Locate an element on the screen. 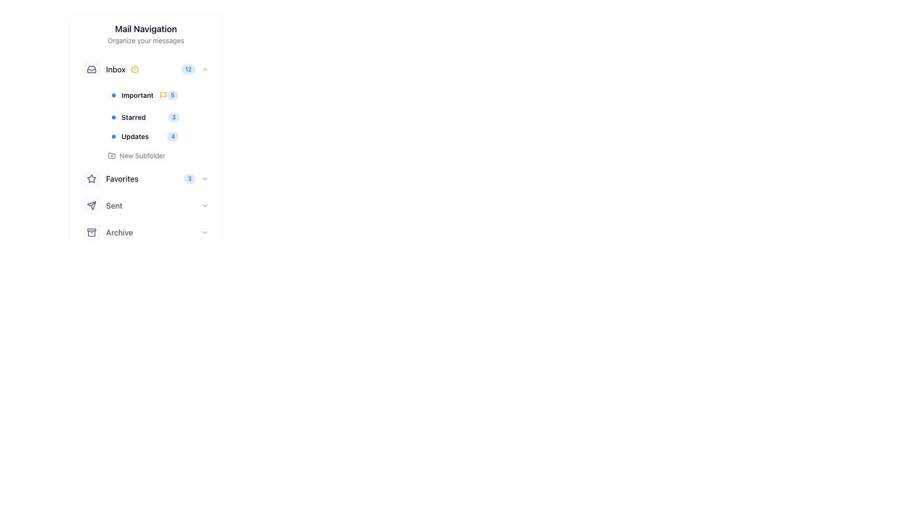  the triangular-shaped arrowhead 'send' icon located in the mail navigation sidebar, positioned between the 'Favorites' and 'Archive' sections as a static decoration is located at coordinates (92, 205).